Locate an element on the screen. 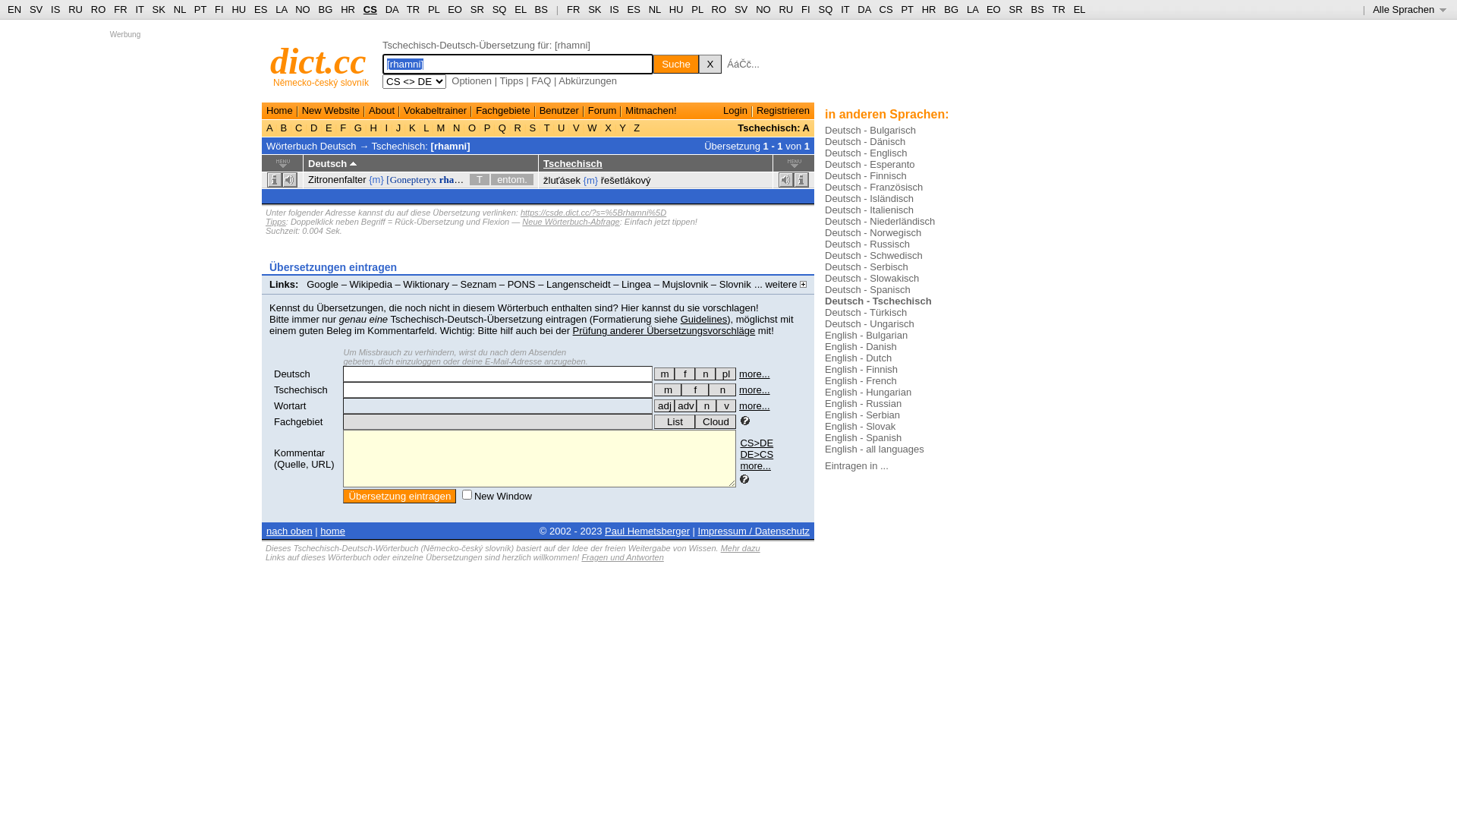 The image size is (1457, 820). 'Slovnik' is located at coordinates (719, 284).